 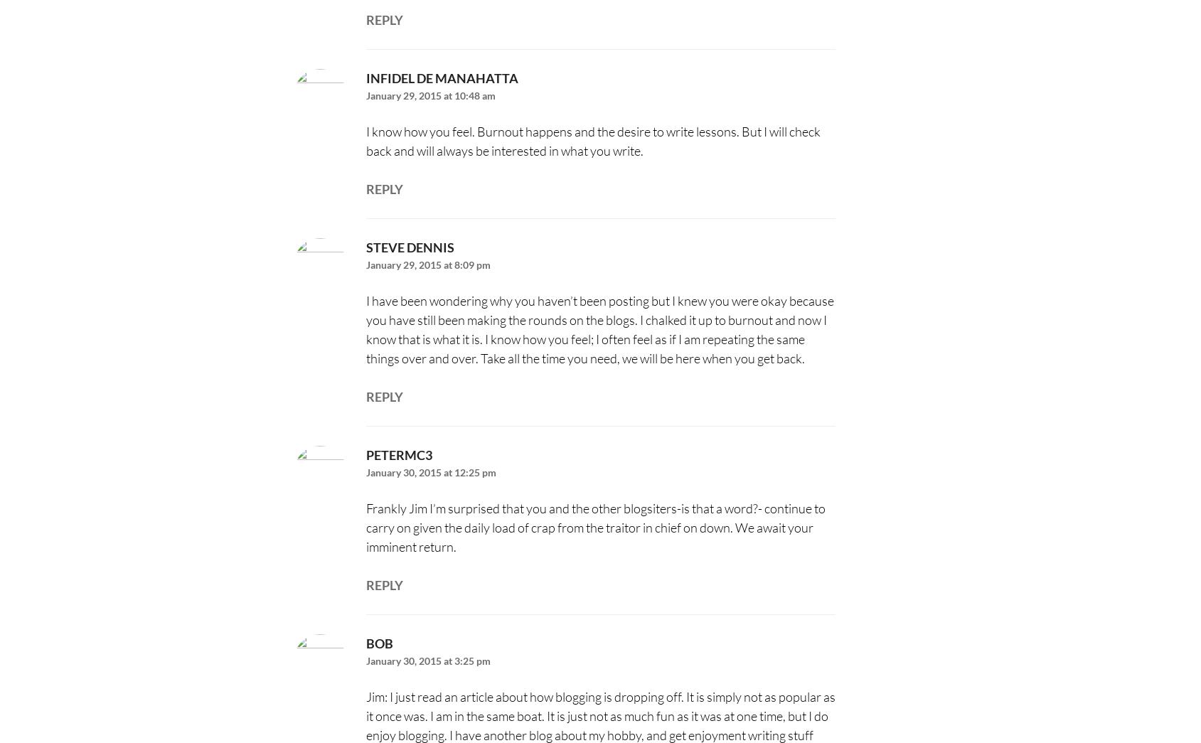 I want to click on 'Petermc3', so click(x=398, y=454).